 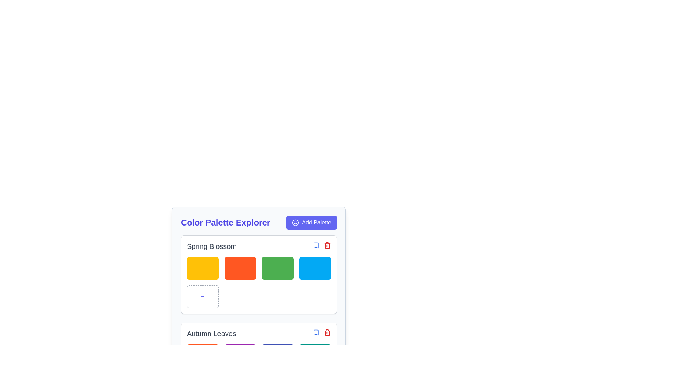 I want to click on the fourth color swatch in the 'Spring Blossom' color palette, so click(x=315, y=268).